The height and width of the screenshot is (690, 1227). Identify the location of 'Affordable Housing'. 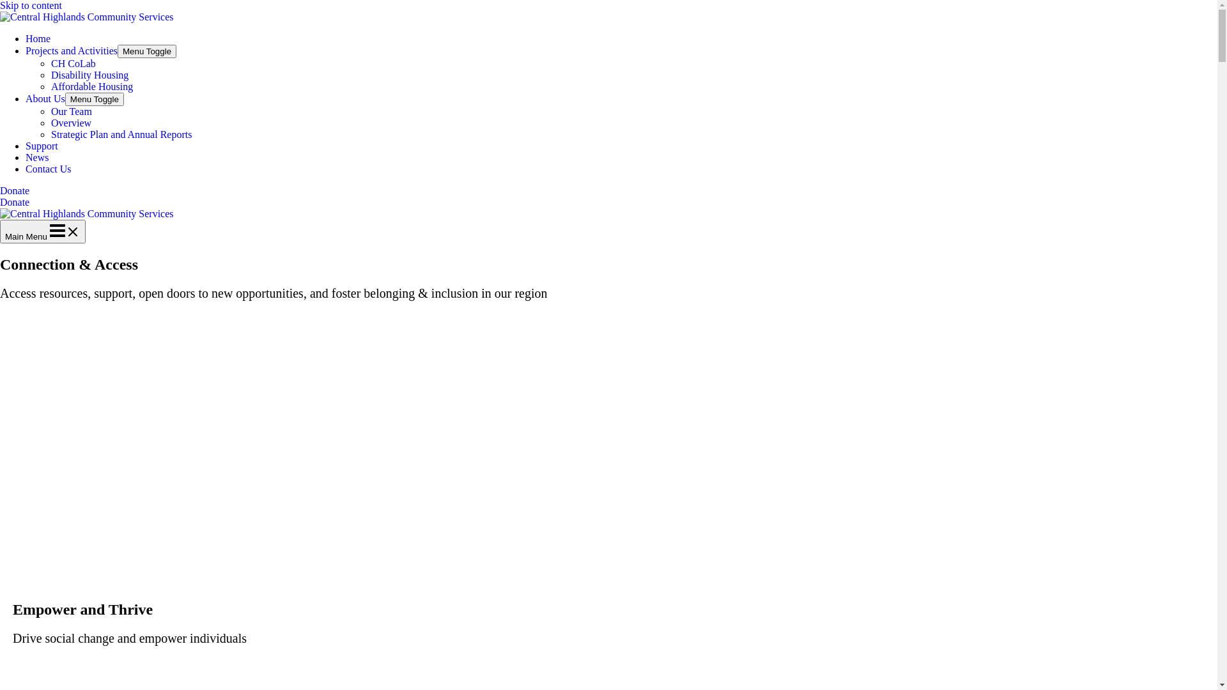
(91, 86).